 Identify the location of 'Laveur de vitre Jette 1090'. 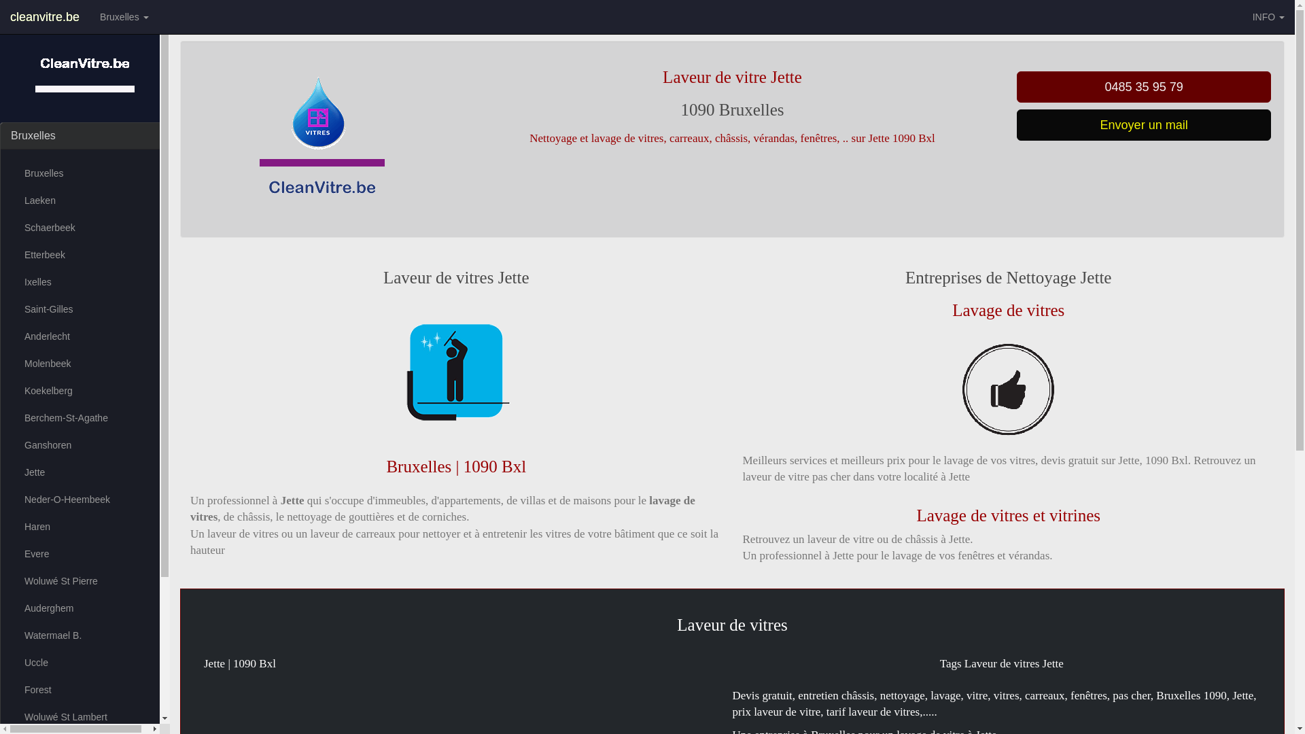
(456, 372).